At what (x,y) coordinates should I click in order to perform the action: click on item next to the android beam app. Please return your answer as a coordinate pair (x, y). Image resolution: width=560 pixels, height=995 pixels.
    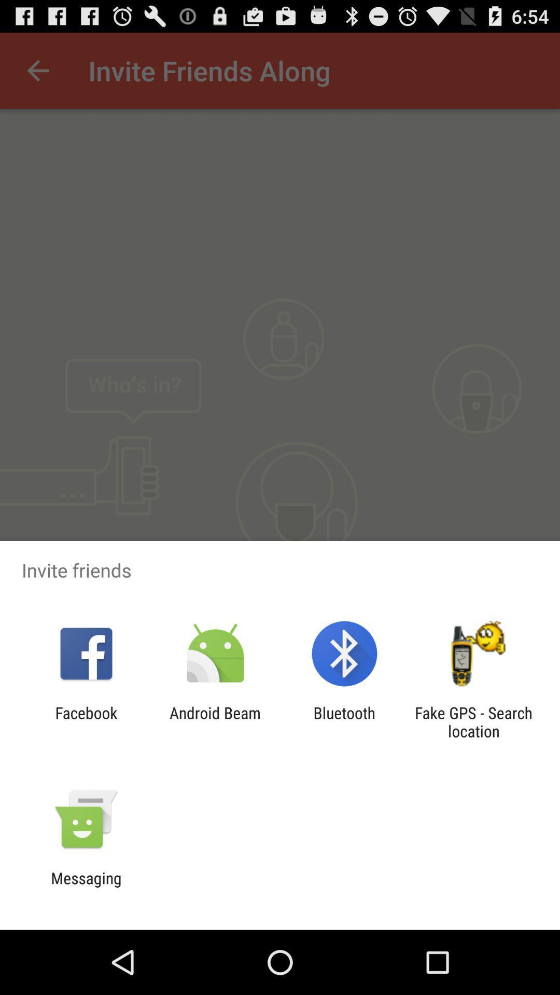
    Looking at the image, I should click on (344, 721).